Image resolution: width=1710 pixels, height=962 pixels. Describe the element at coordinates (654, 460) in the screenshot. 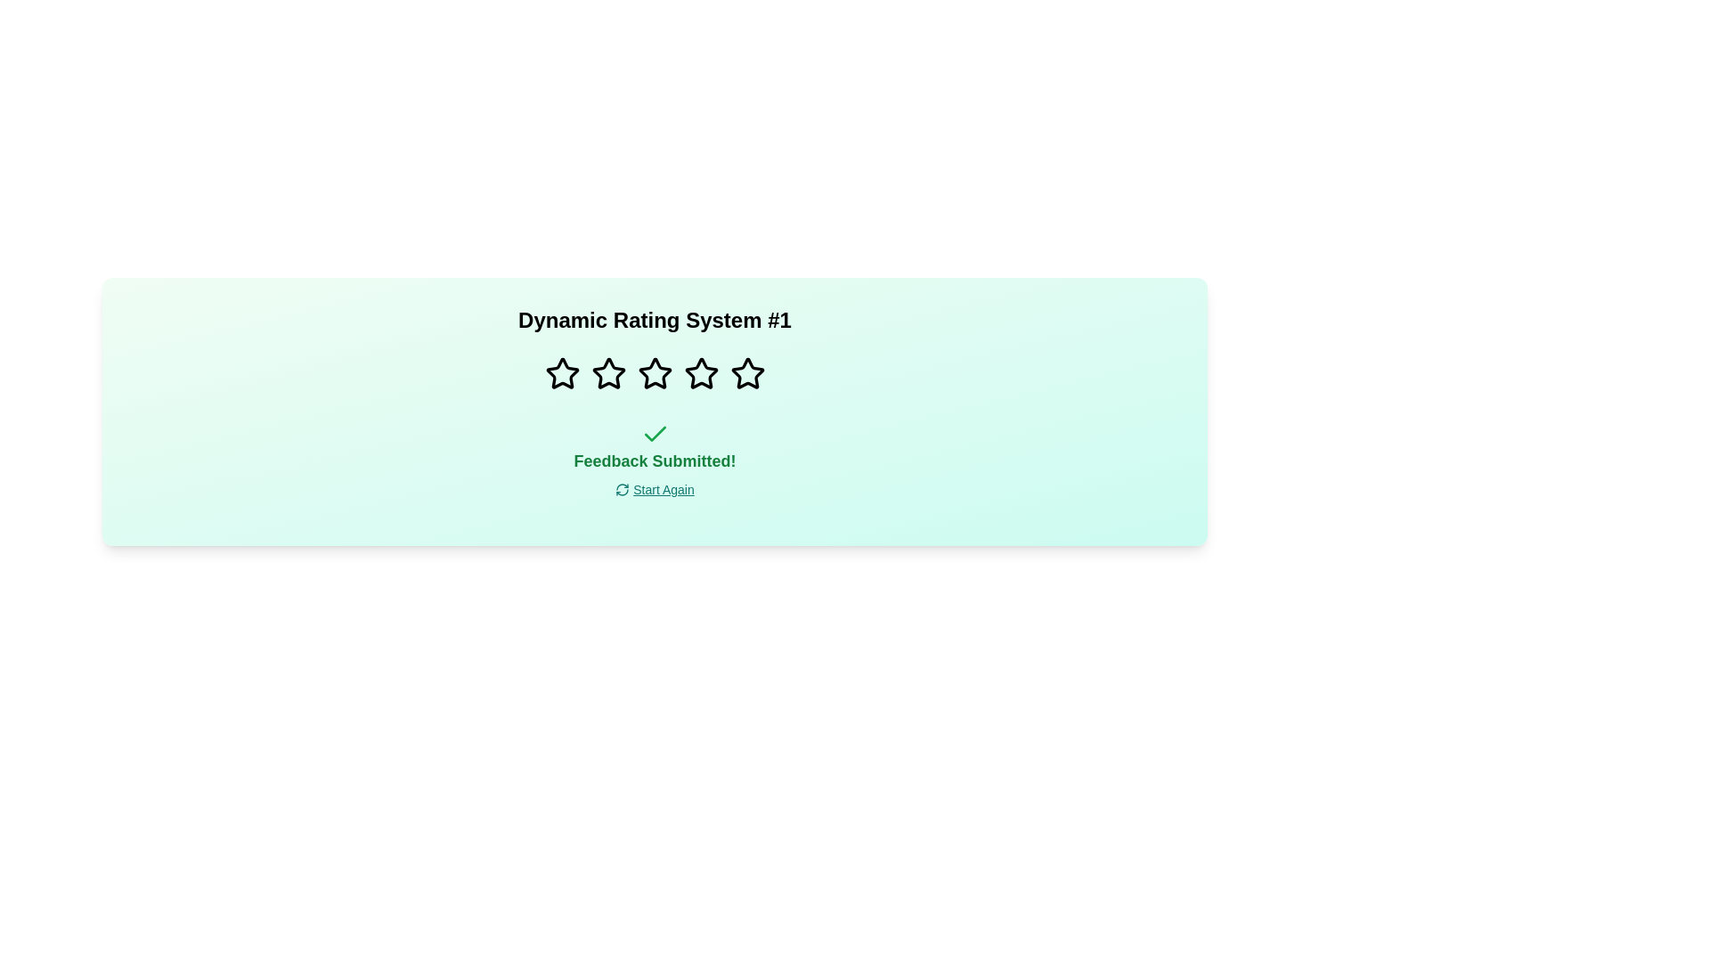

I see `the feedback message text label indicating the completion of a submission process, which is located directly beneath the green checkmark icon and above the 'Start Again' link` at that location.